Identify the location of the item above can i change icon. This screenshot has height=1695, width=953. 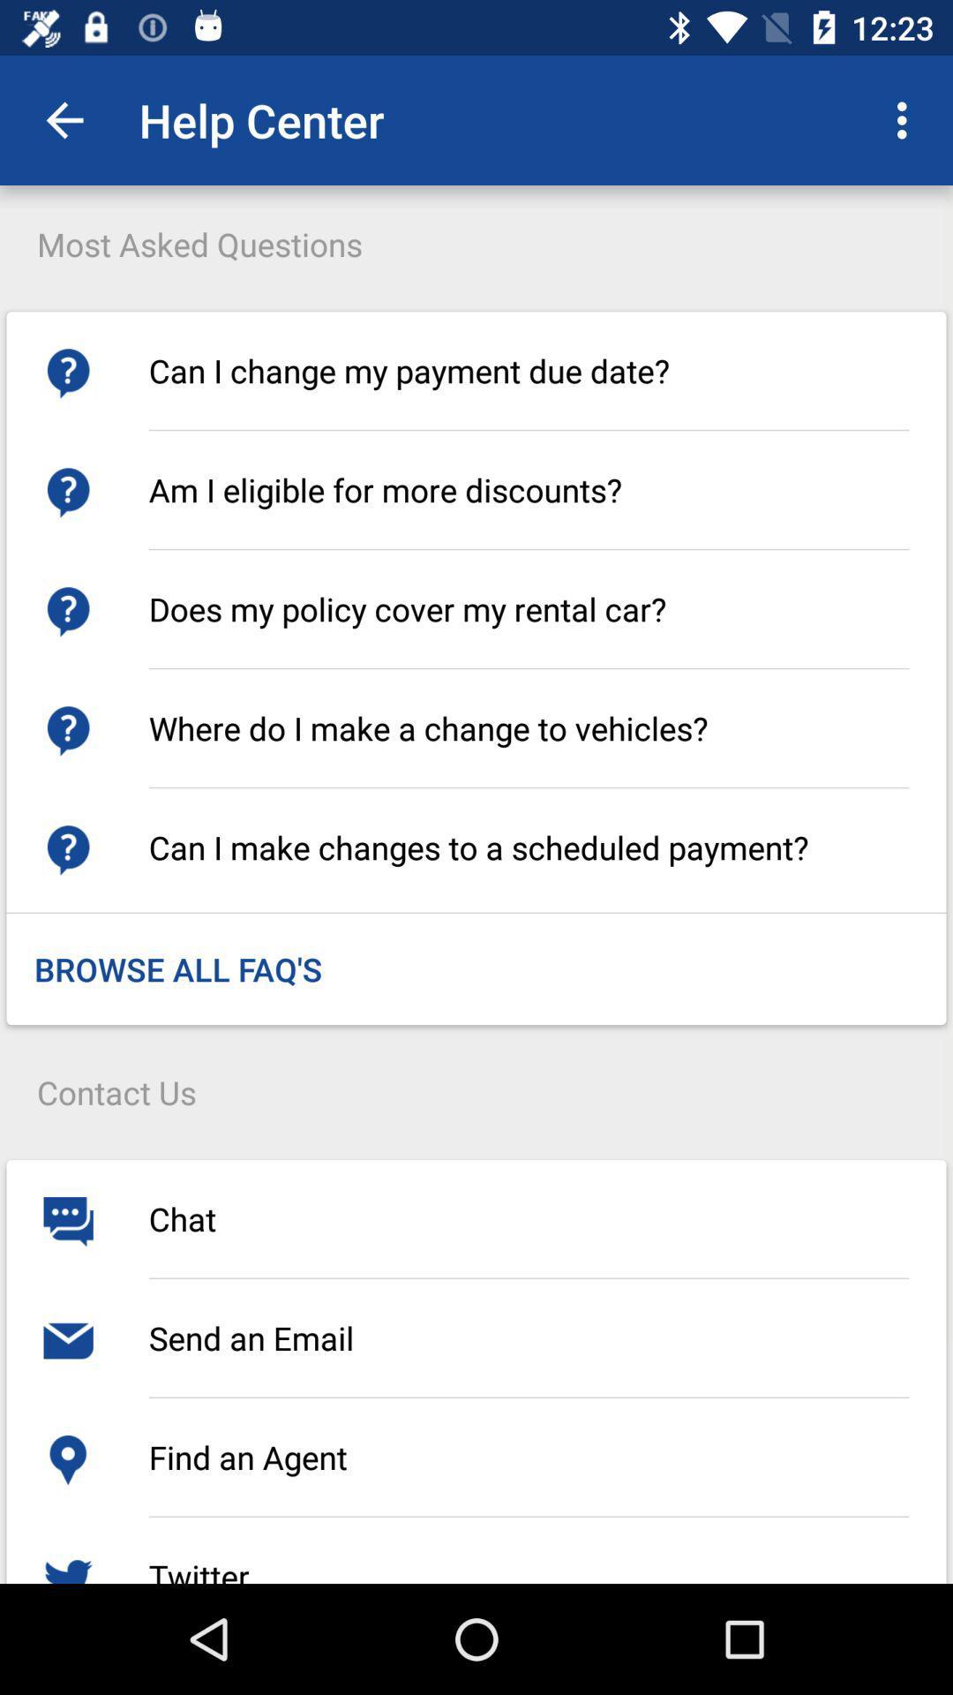
(906, 119).